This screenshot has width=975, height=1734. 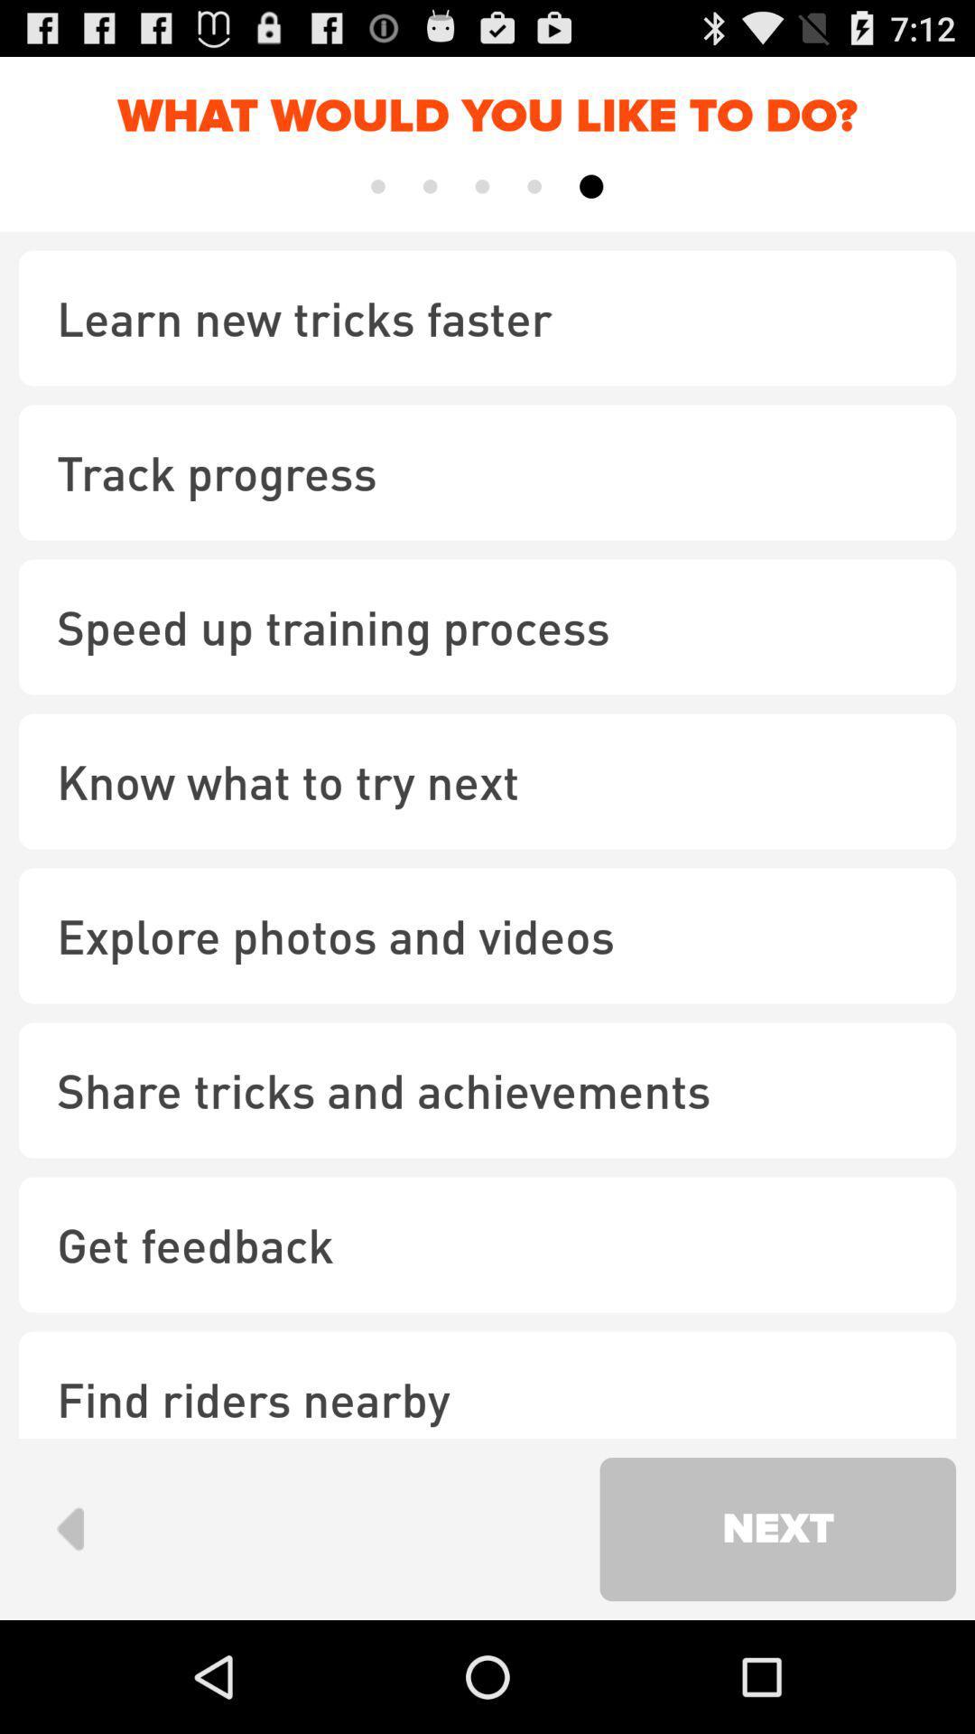 I want to click on item below track progress checkbox, so click(x=487, y=627).